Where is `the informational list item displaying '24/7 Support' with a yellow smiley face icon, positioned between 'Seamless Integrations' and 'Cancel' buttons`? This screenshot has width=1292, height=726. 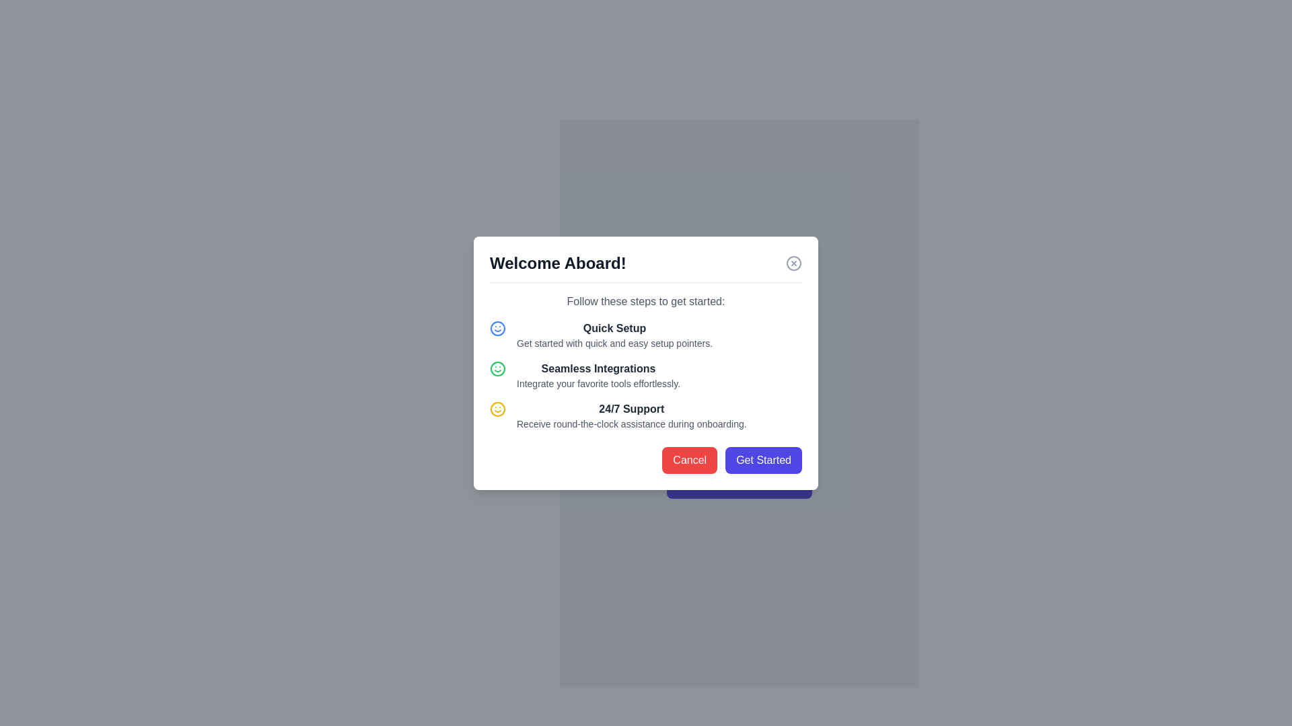 the informational list item displaying '24/7 Support' with a yellow smiley face icon, positioned between 'Seamless Integrations' and 'Cancel' buttons is located at coordinates (646, 414).